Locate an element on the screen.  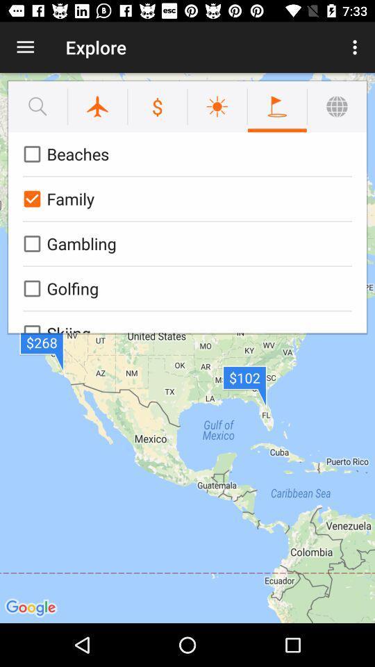
skiing item is located at coordinates (185, 322).